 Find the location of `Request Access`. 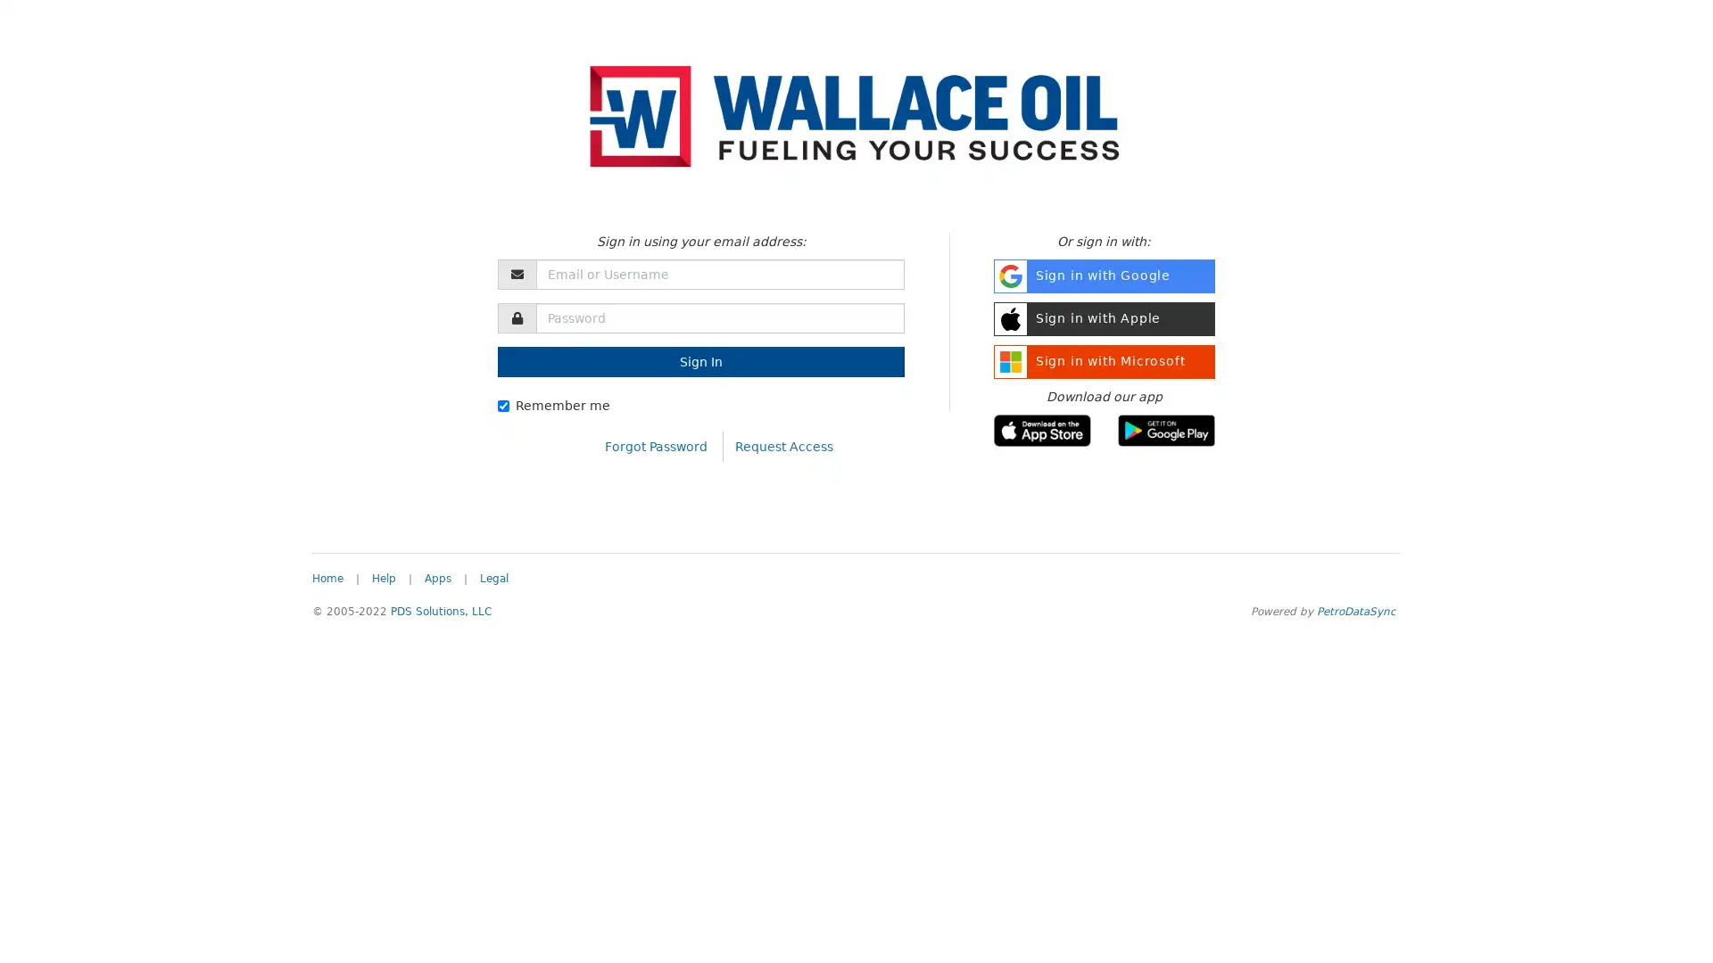

Request Access is located at coordinates (783, 445).